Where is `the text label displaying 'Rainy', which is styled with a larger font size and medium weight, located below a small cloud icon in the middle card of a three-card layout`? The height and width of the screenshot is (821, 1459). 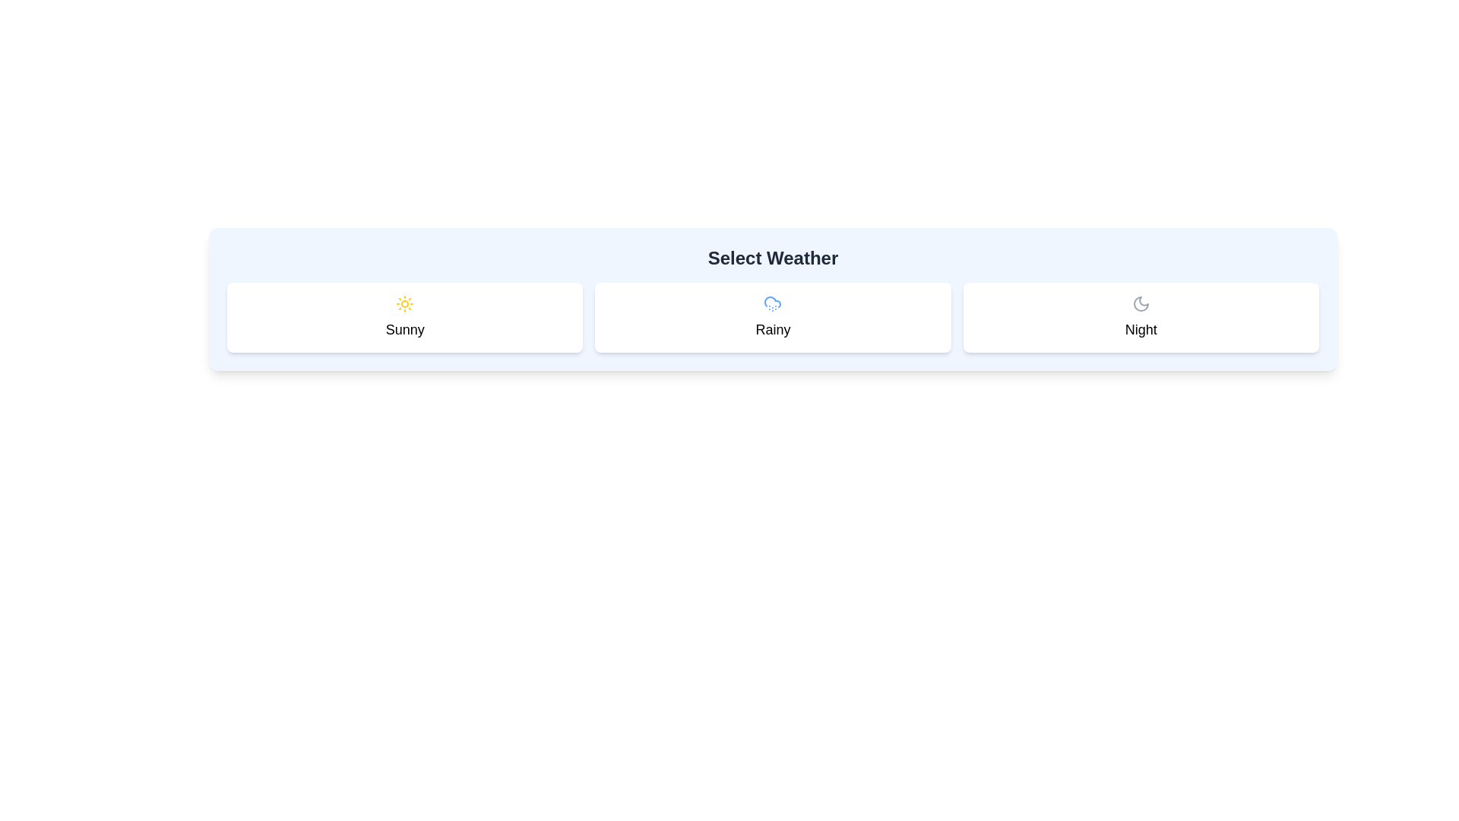
the text label displaying 'Rainy', which is styled with a larger font size and medium weight, located below a small cloud icon in the middle card of a three-card layout is located at coordinates (773, 329).